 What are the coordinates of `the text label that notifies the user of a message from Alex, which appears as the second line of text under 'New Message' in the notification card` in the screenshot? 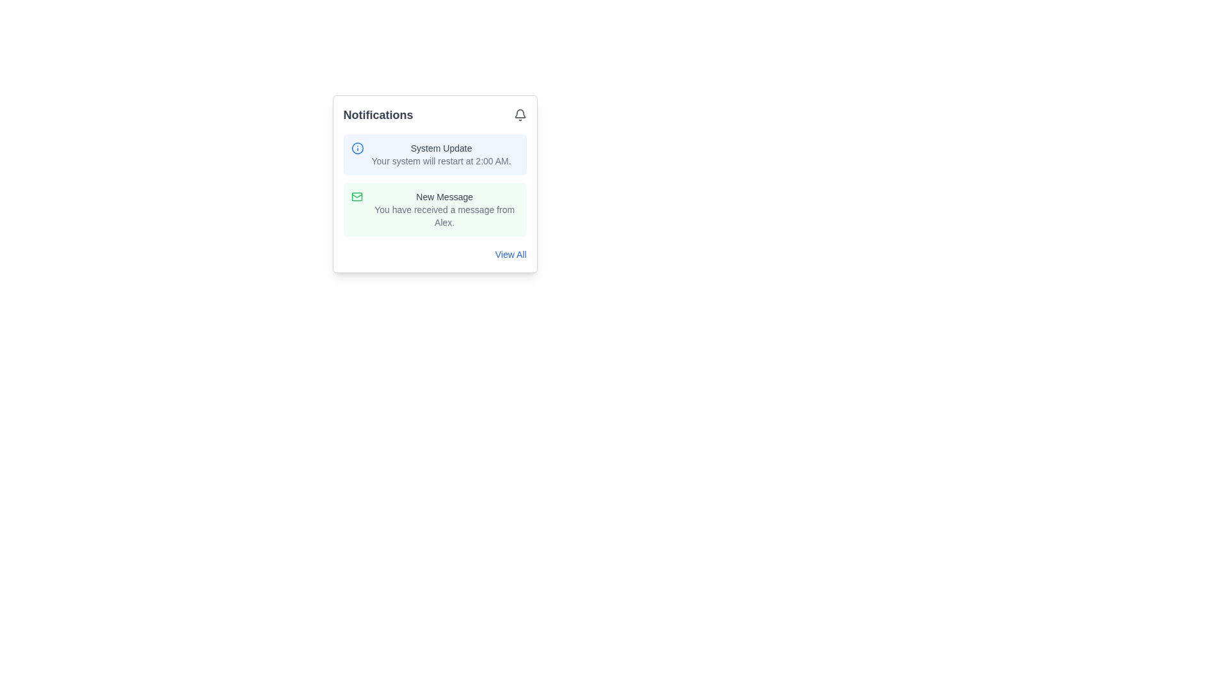 It's located at (444, 216).